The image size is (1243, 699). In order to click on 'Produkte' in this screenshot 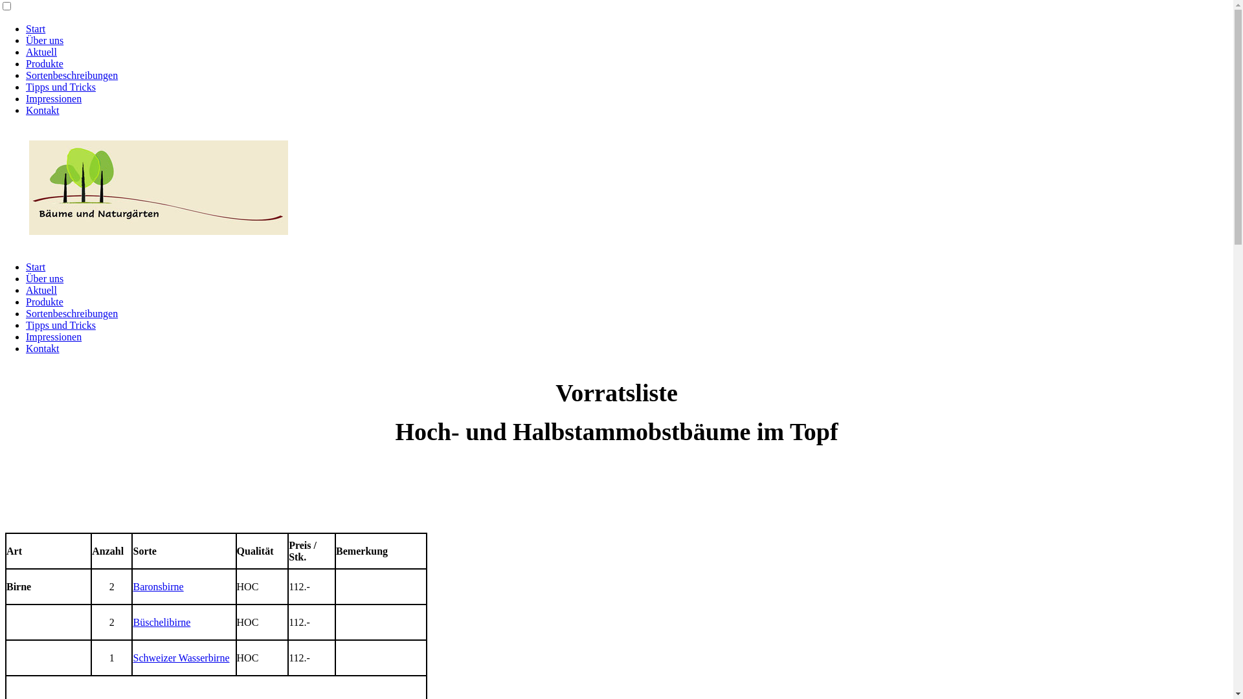, I will do `click(44, 302)`.